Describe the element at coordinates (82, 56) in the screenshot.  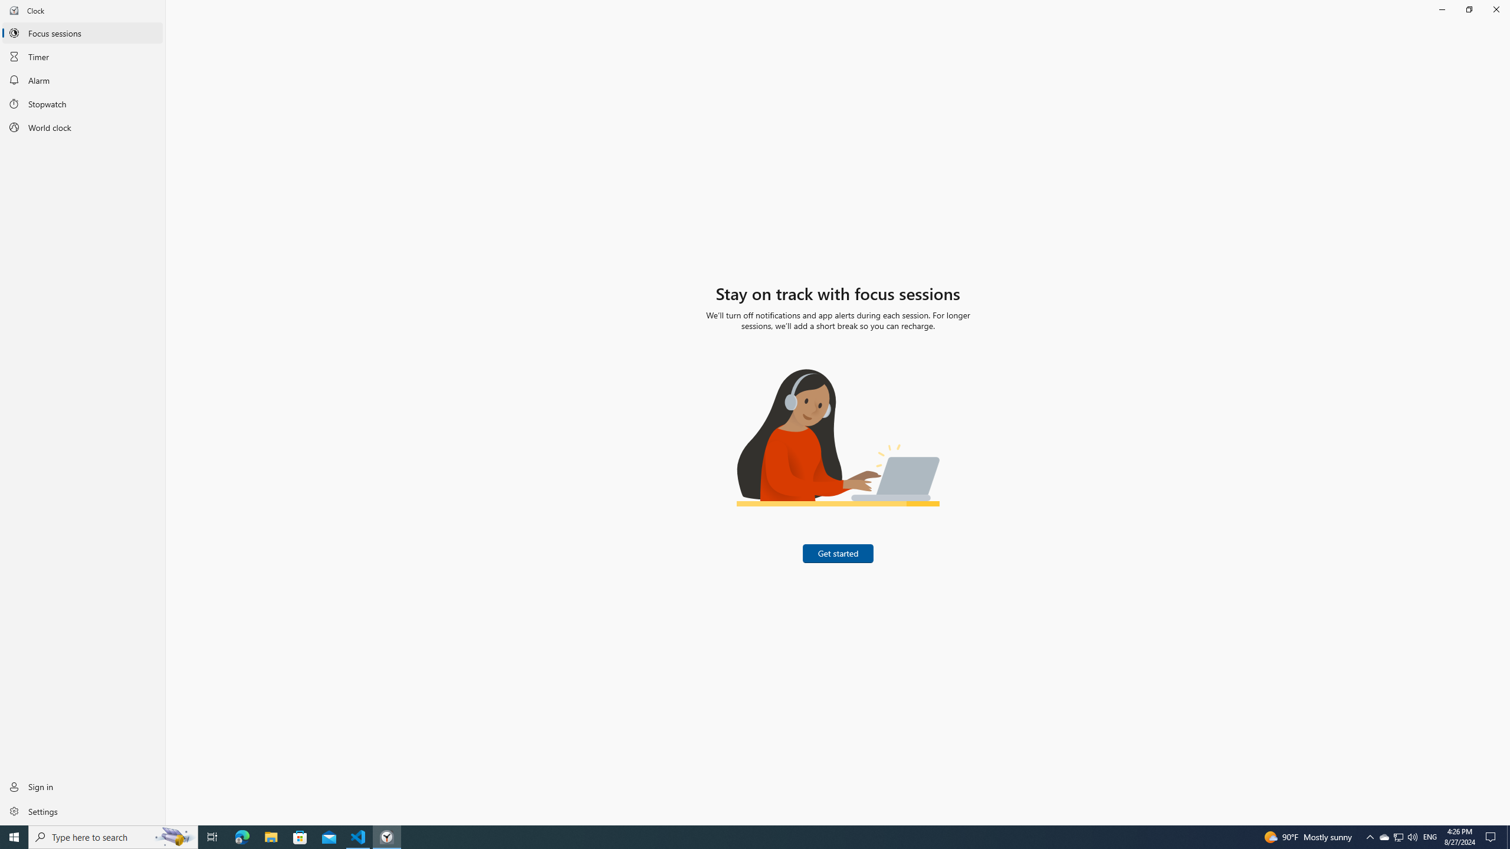
I see `'Timer'` at that location.